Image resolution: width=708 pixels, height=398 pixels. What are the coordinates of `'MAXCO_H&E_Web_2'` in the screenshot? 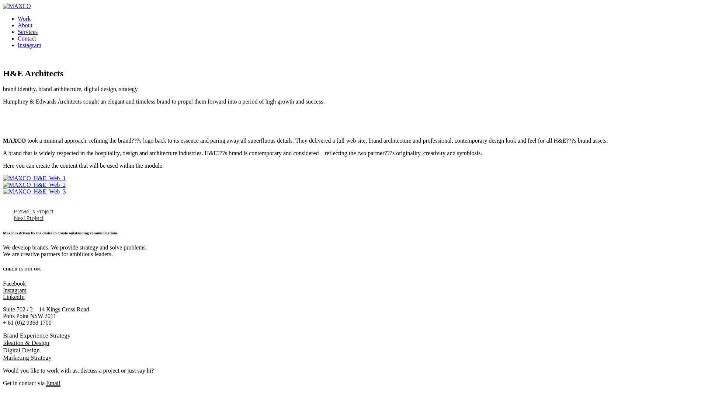 It's located at (34, 184).